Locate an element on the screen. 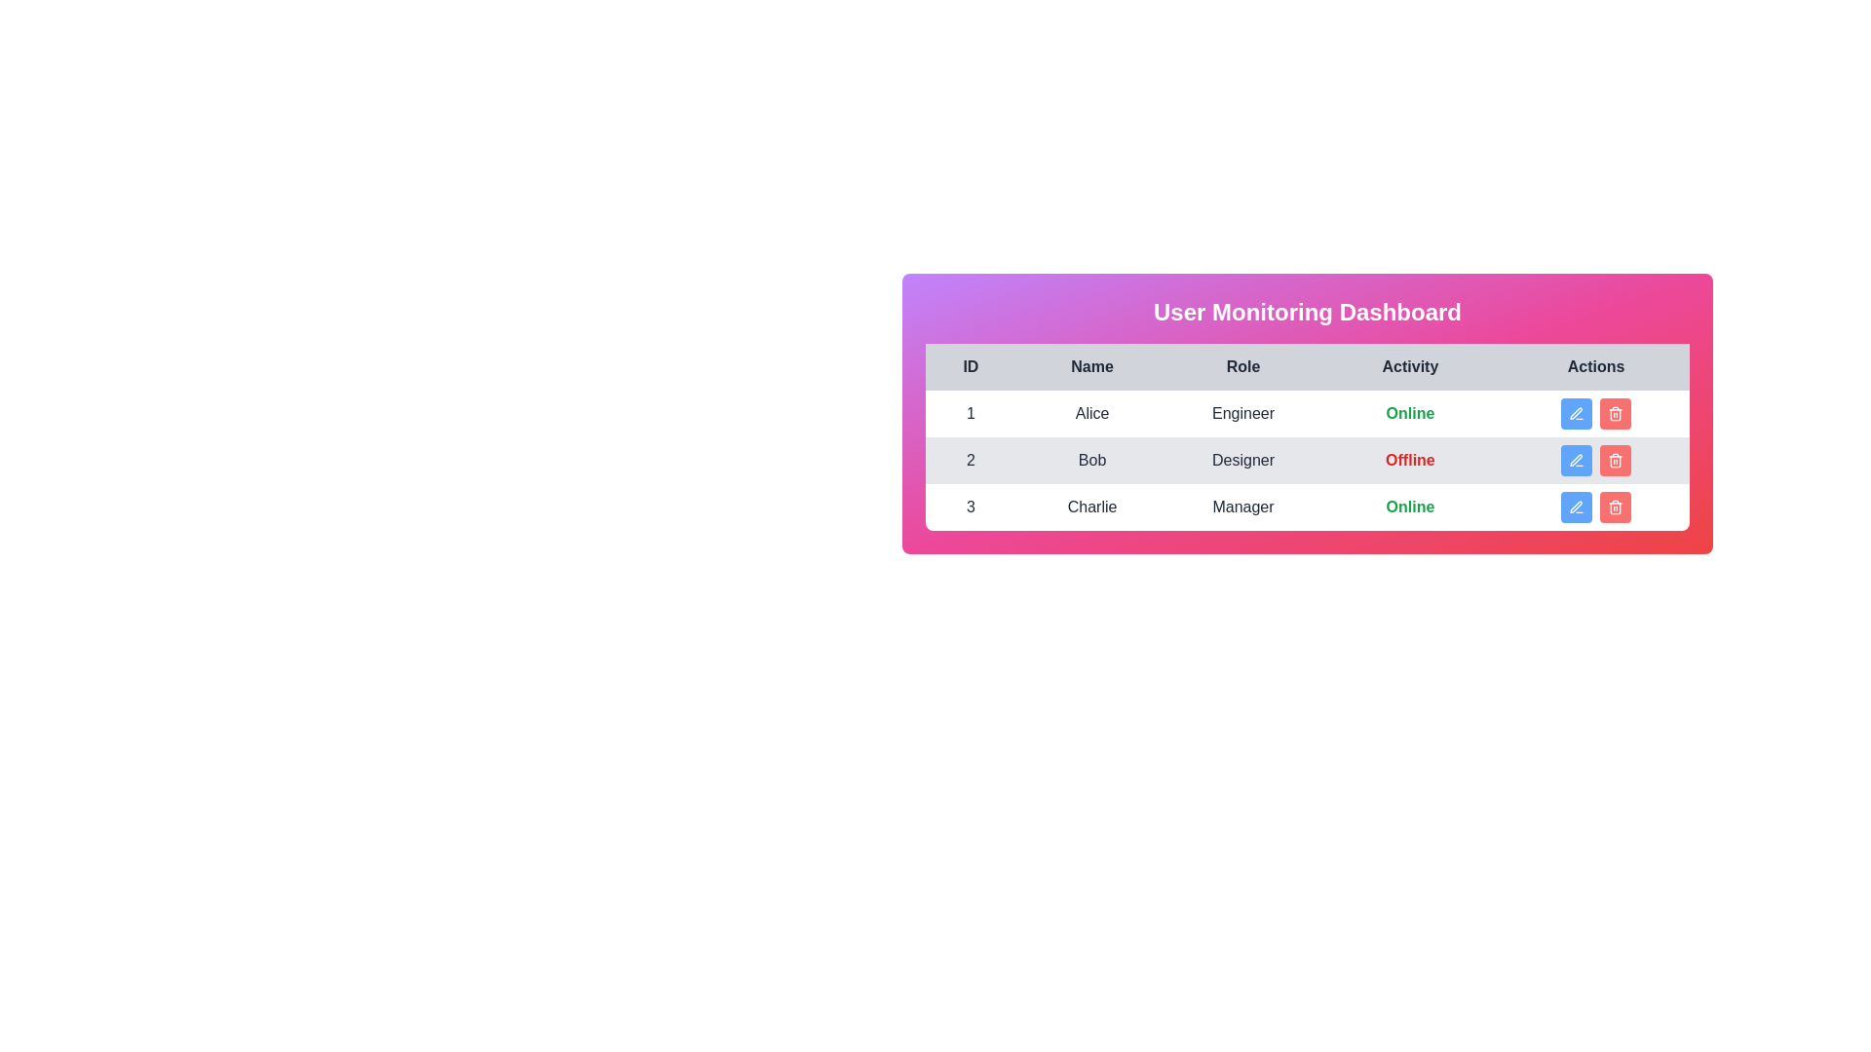 Image resolution: width=1871 pixels, height=1052 pixels. the row corresponding to user 2 is located at coordinates (1308, 461).